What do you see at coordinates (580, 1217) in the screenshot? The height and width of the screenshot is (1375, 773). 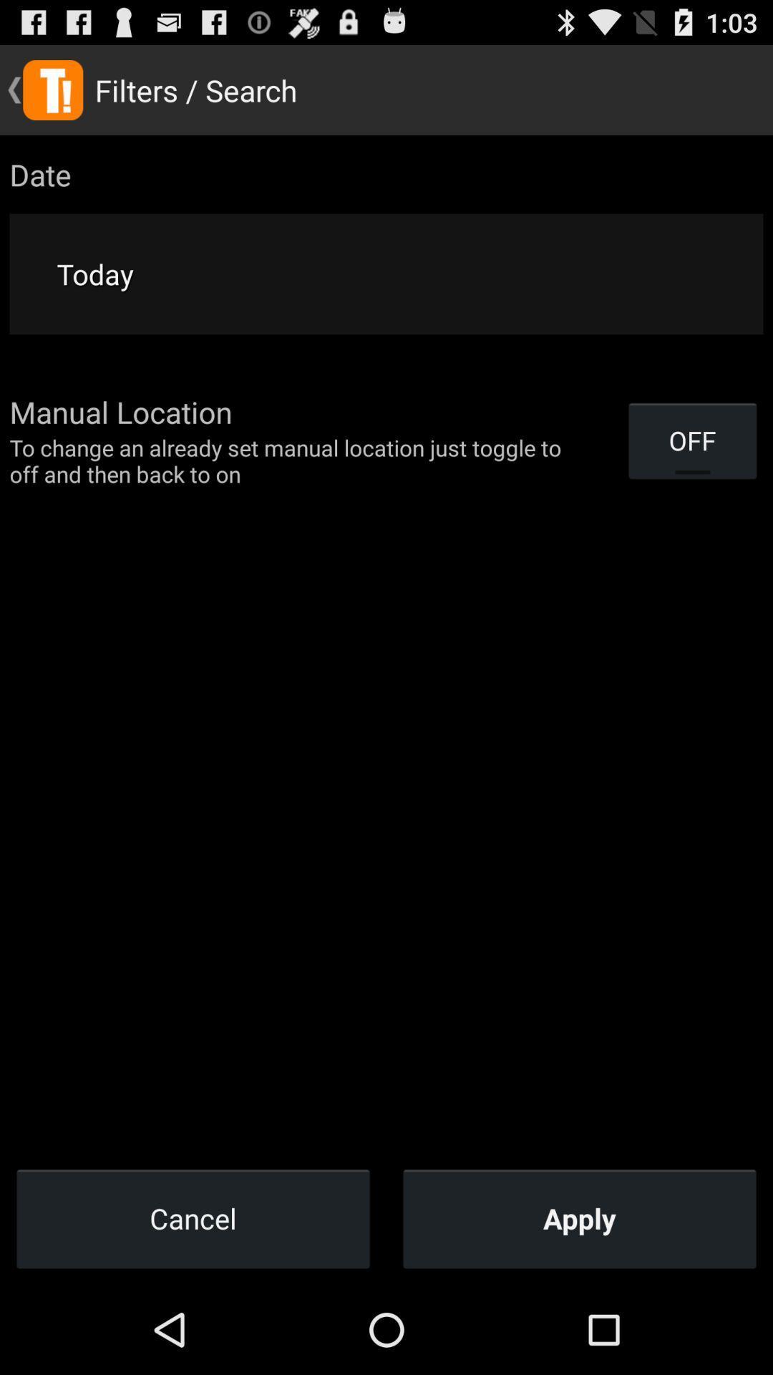 I see `item next to the cancel item` at bounding box center [580, 1217].